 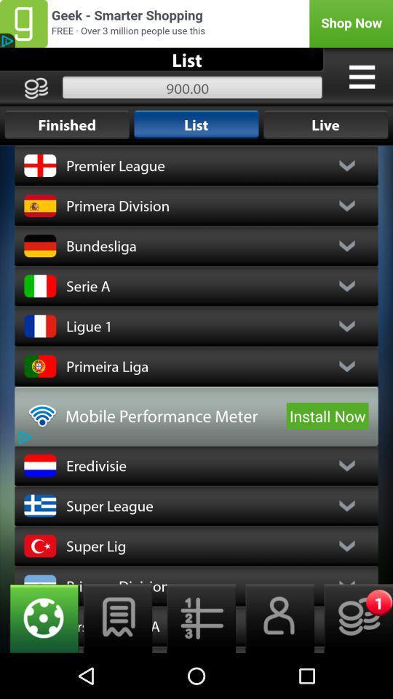 I want to click on the chat icon, so click(x=117, y=662).